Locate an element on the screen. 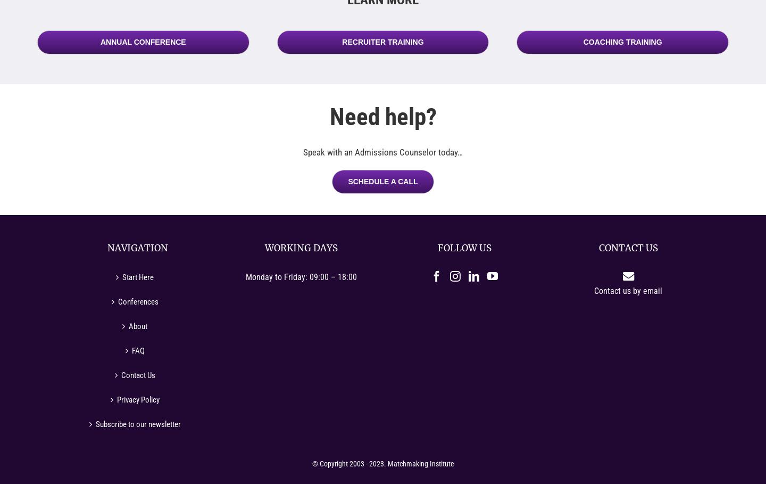 The image size is (766, 484). '© Copyright 2003 -' is located at coordinates (339, 463).